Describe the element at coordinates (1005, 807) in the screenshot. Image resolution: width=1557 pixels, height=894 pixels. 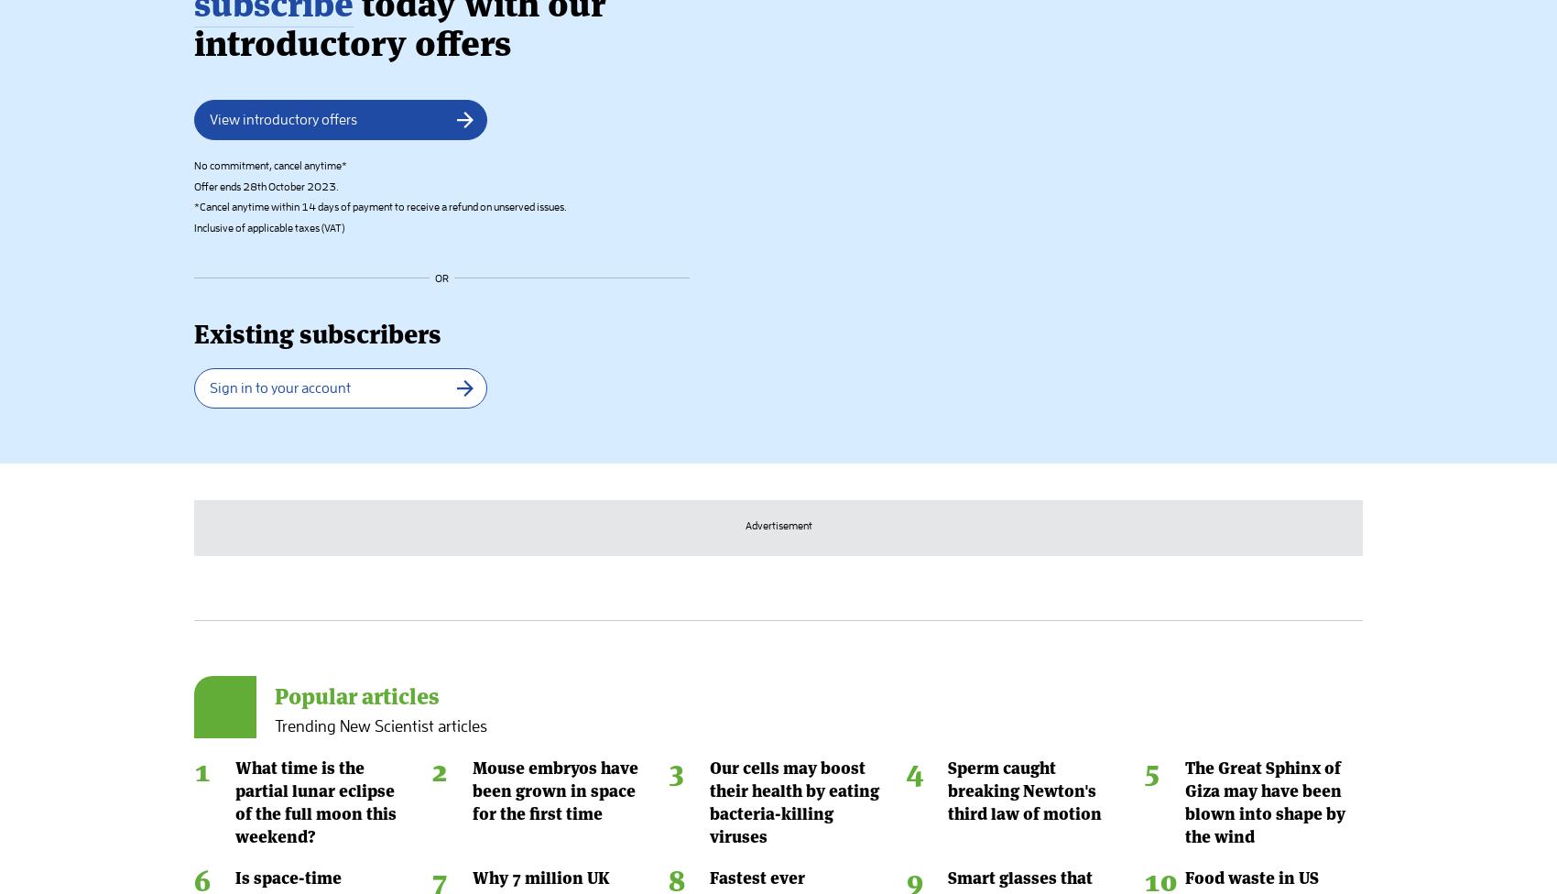
I see `'CoLab'` at that location.